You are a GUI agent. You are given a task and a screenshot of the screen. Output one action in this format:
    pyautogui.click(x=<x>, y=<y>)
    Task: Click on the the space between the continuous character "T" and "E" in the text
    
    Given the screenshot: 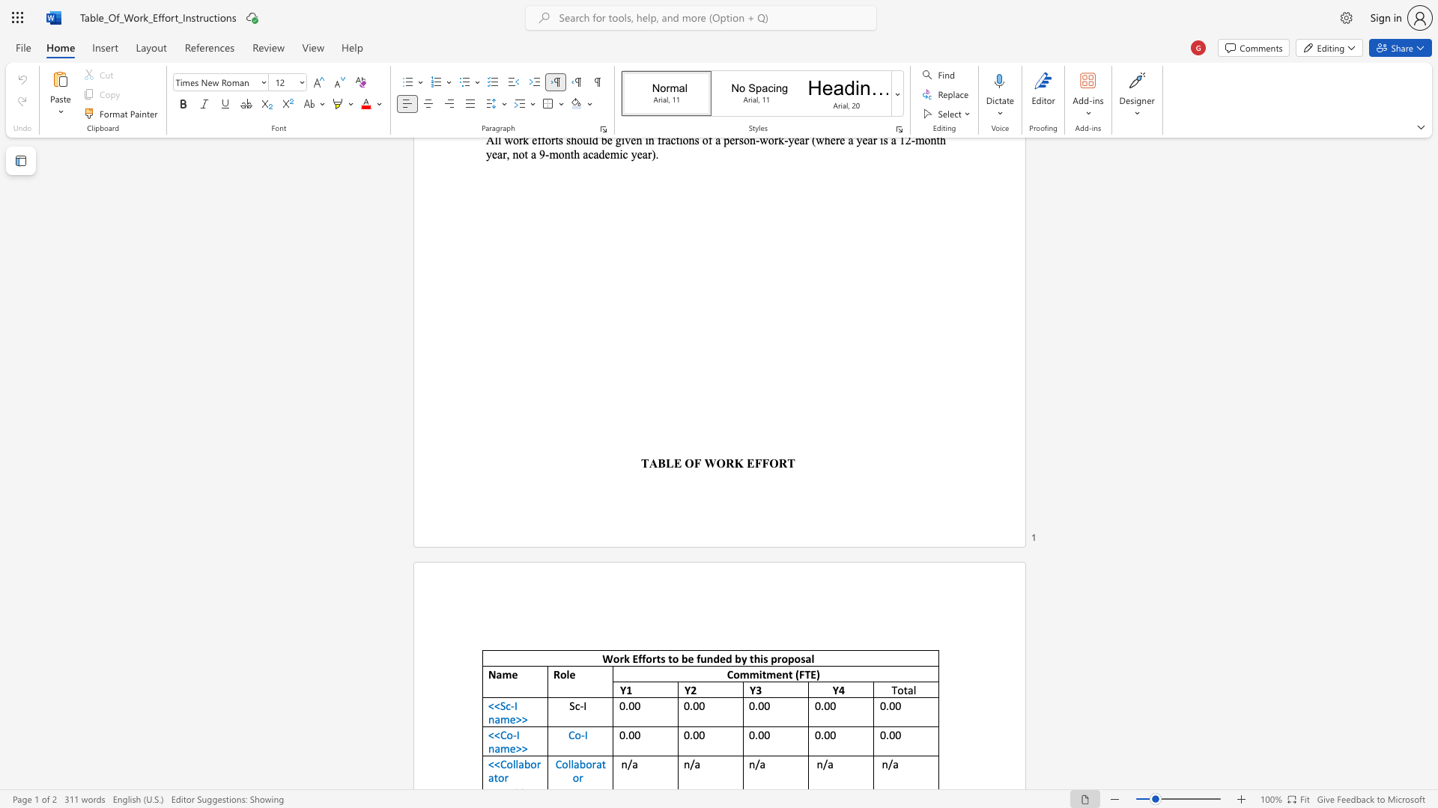 What is the action you would take?
    pyautogui.click(x=810, y=674)
    